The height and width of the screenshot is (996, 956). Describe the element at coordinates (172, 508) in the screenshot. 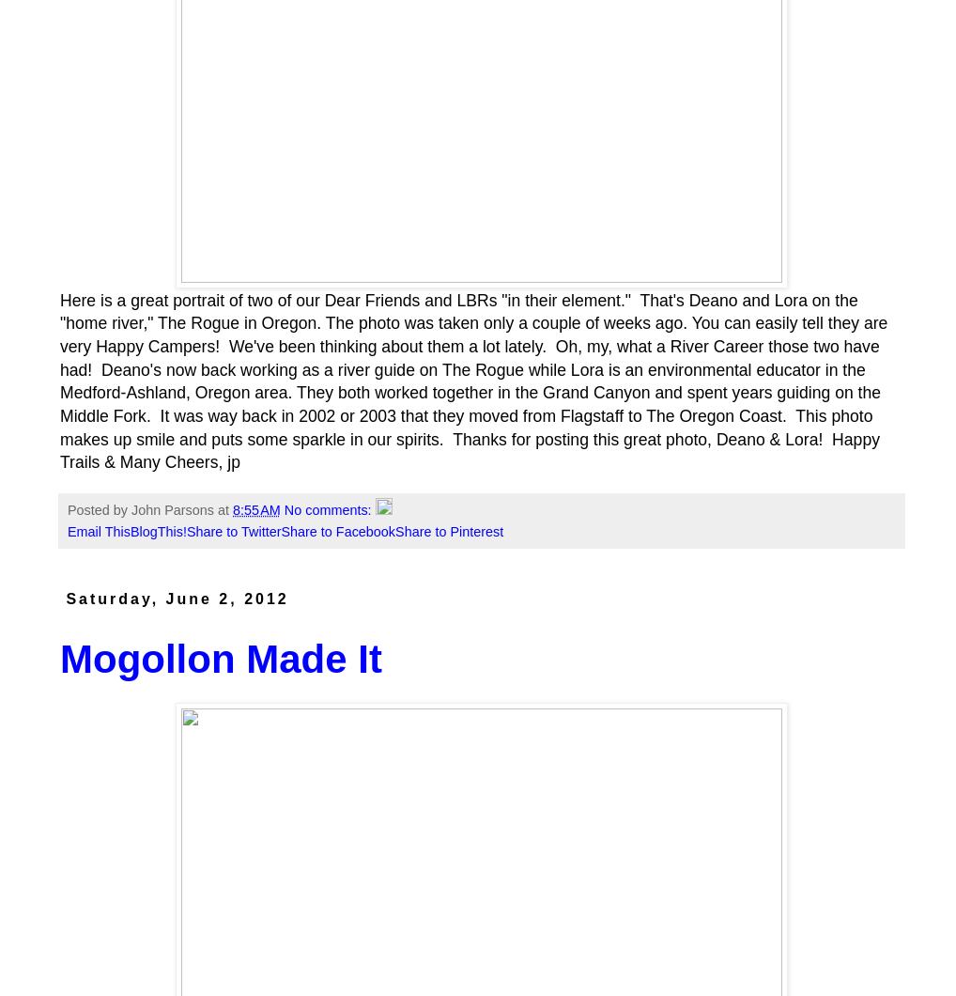

I see `'John Parsons'` at that location.